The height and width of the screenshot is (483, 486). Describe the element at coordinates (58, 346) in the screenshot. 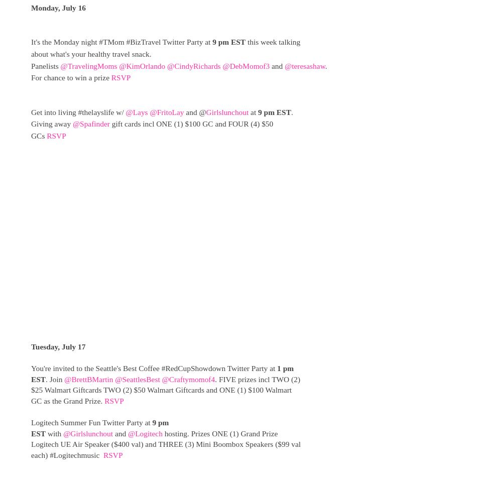

I see `'Tuesday, July 17'` at that location.